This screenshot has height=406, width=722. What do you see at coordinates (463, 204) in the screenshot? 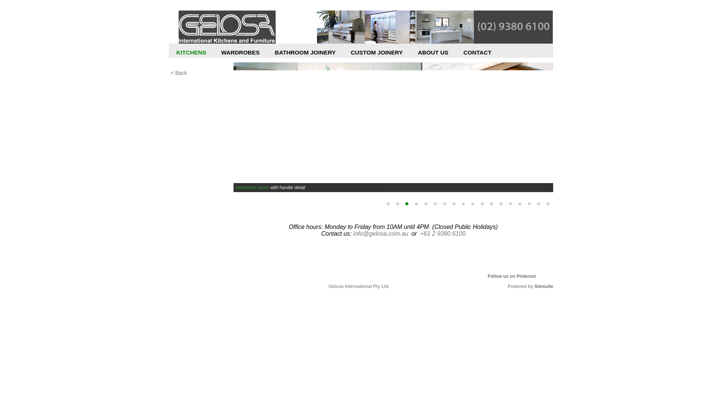
I see `'9'` at bounding box center [463, 204].